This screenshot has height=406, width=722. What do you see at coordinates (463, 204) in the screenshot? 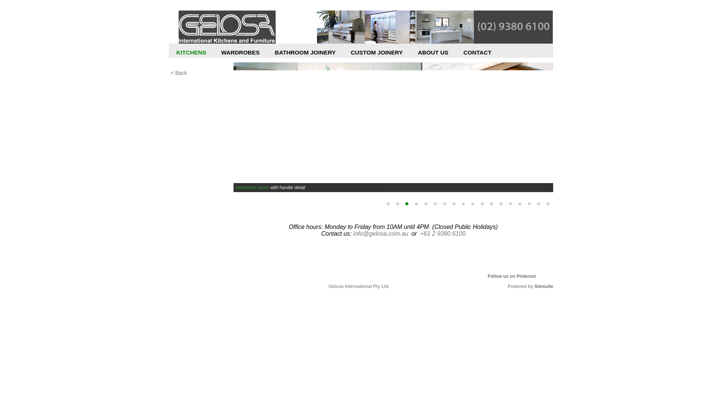
I see `'9'` at bounding box center [463, 204].